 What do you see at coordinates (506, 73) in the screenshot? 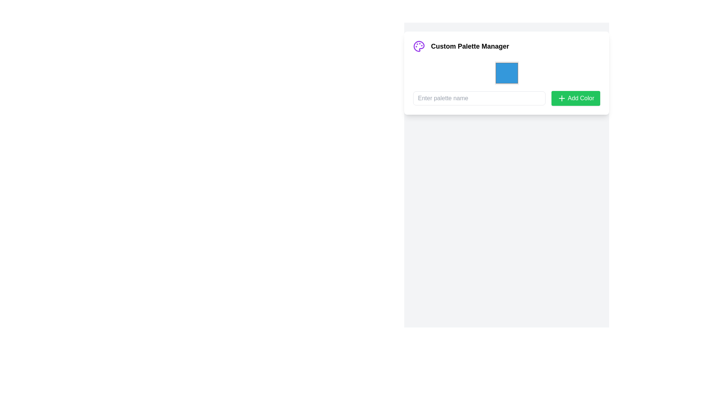
I see `the color selector element located within the 'Custom Palette Manager' card` at bounding box center [506, 73].